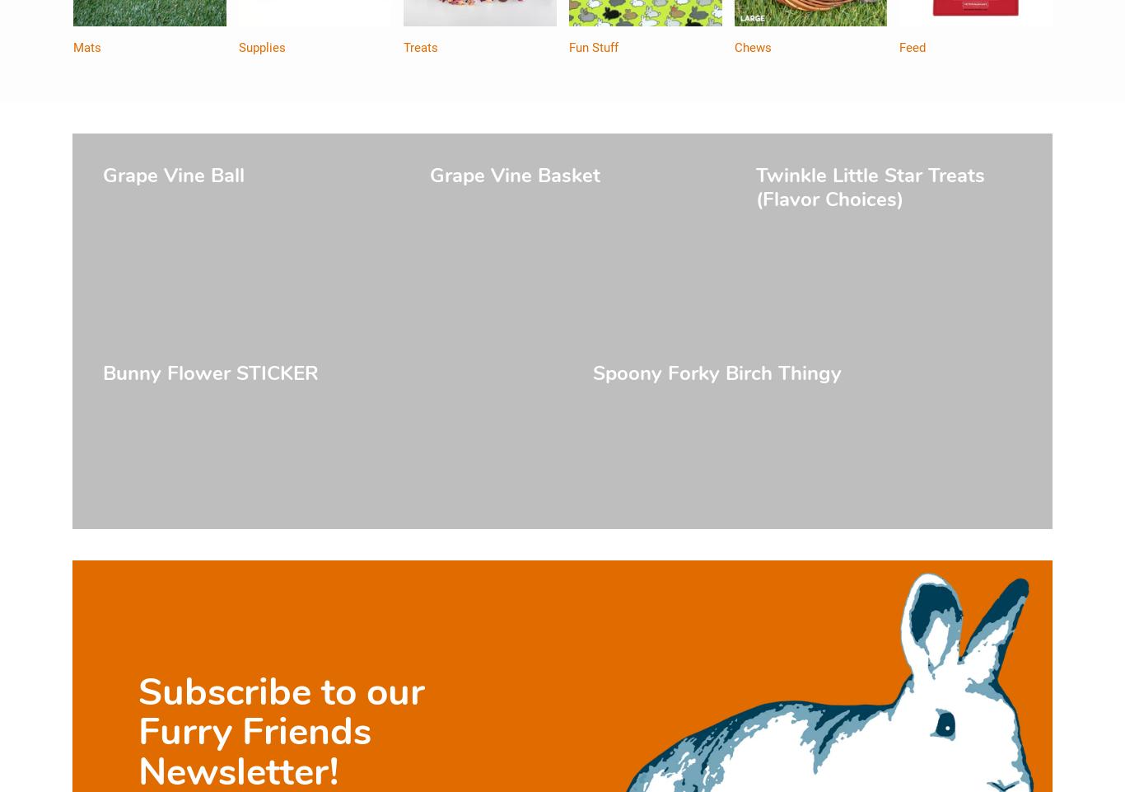  Describe the element at coordinates (421, 48) in the screenshot. I see `'Treats'` at that location.